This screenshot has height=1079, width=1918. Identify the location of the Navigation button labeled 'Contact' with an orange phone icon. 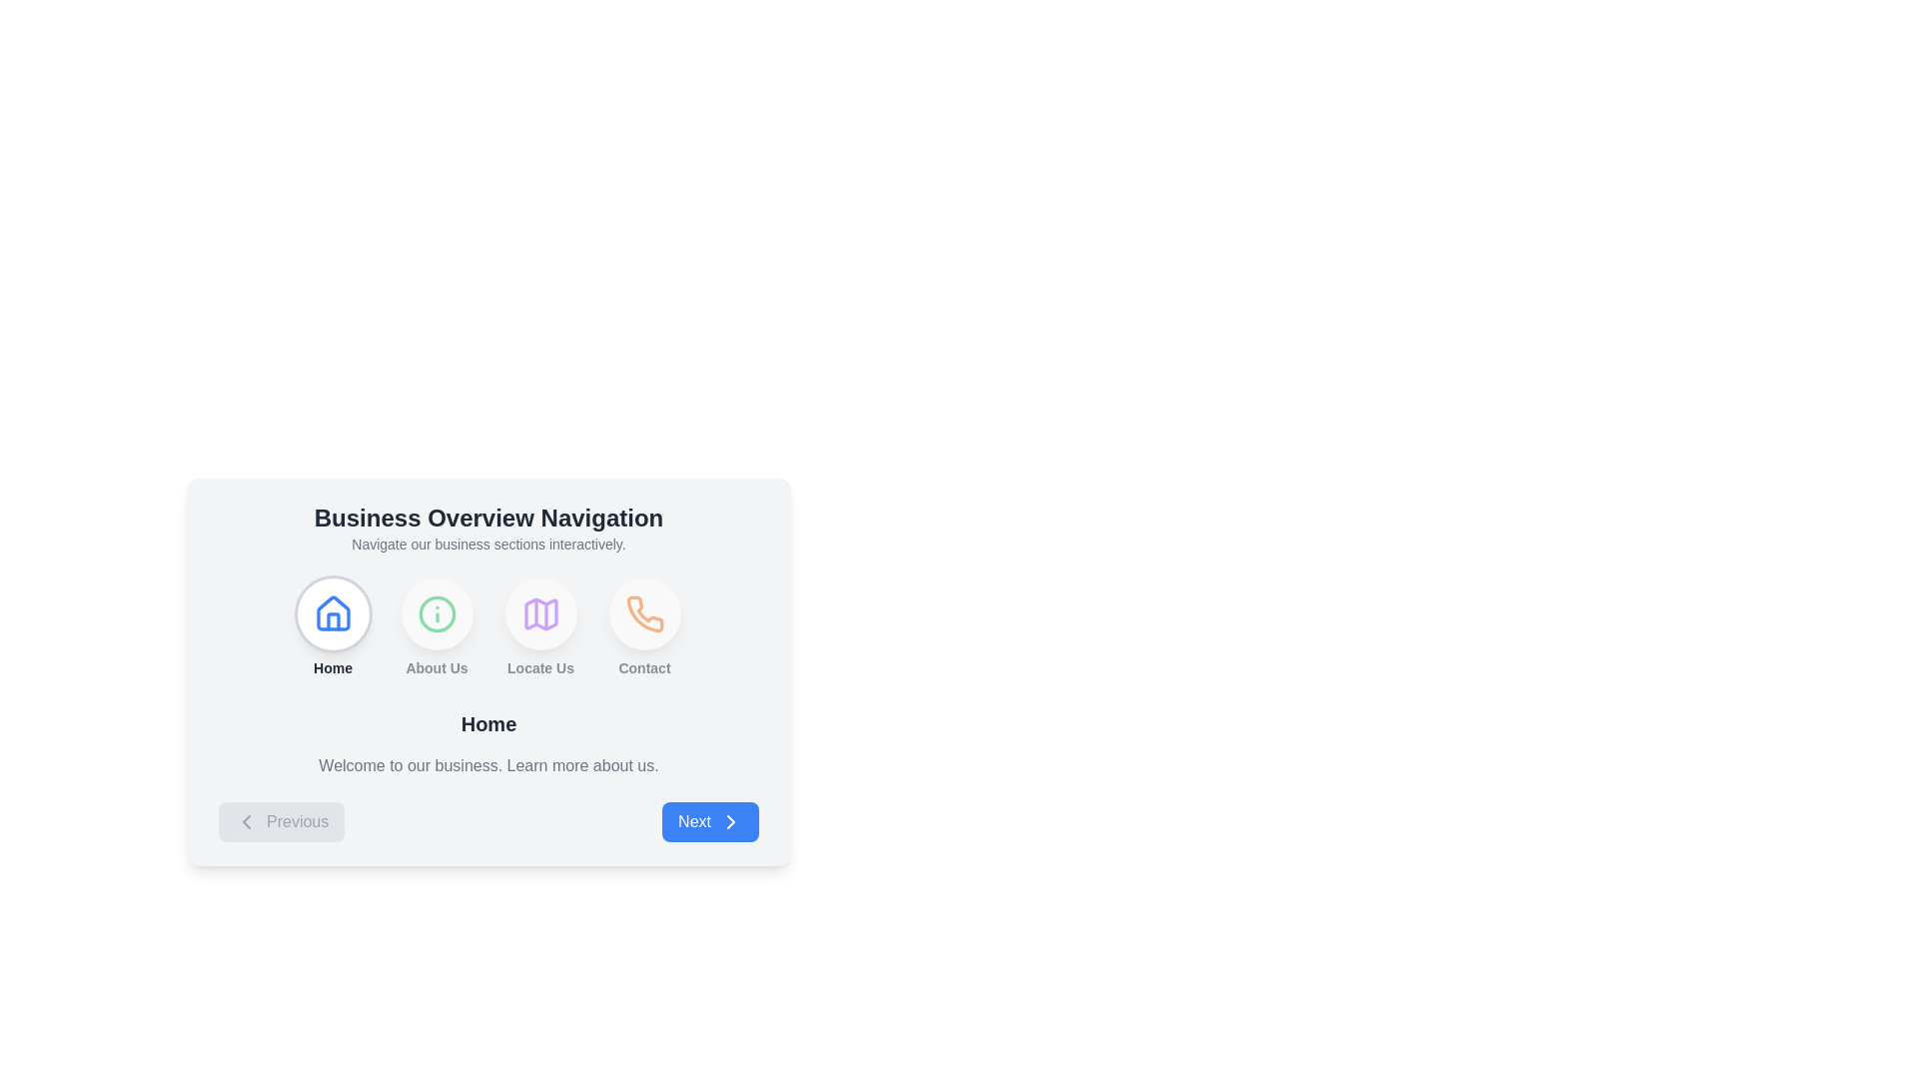
(644, 626).